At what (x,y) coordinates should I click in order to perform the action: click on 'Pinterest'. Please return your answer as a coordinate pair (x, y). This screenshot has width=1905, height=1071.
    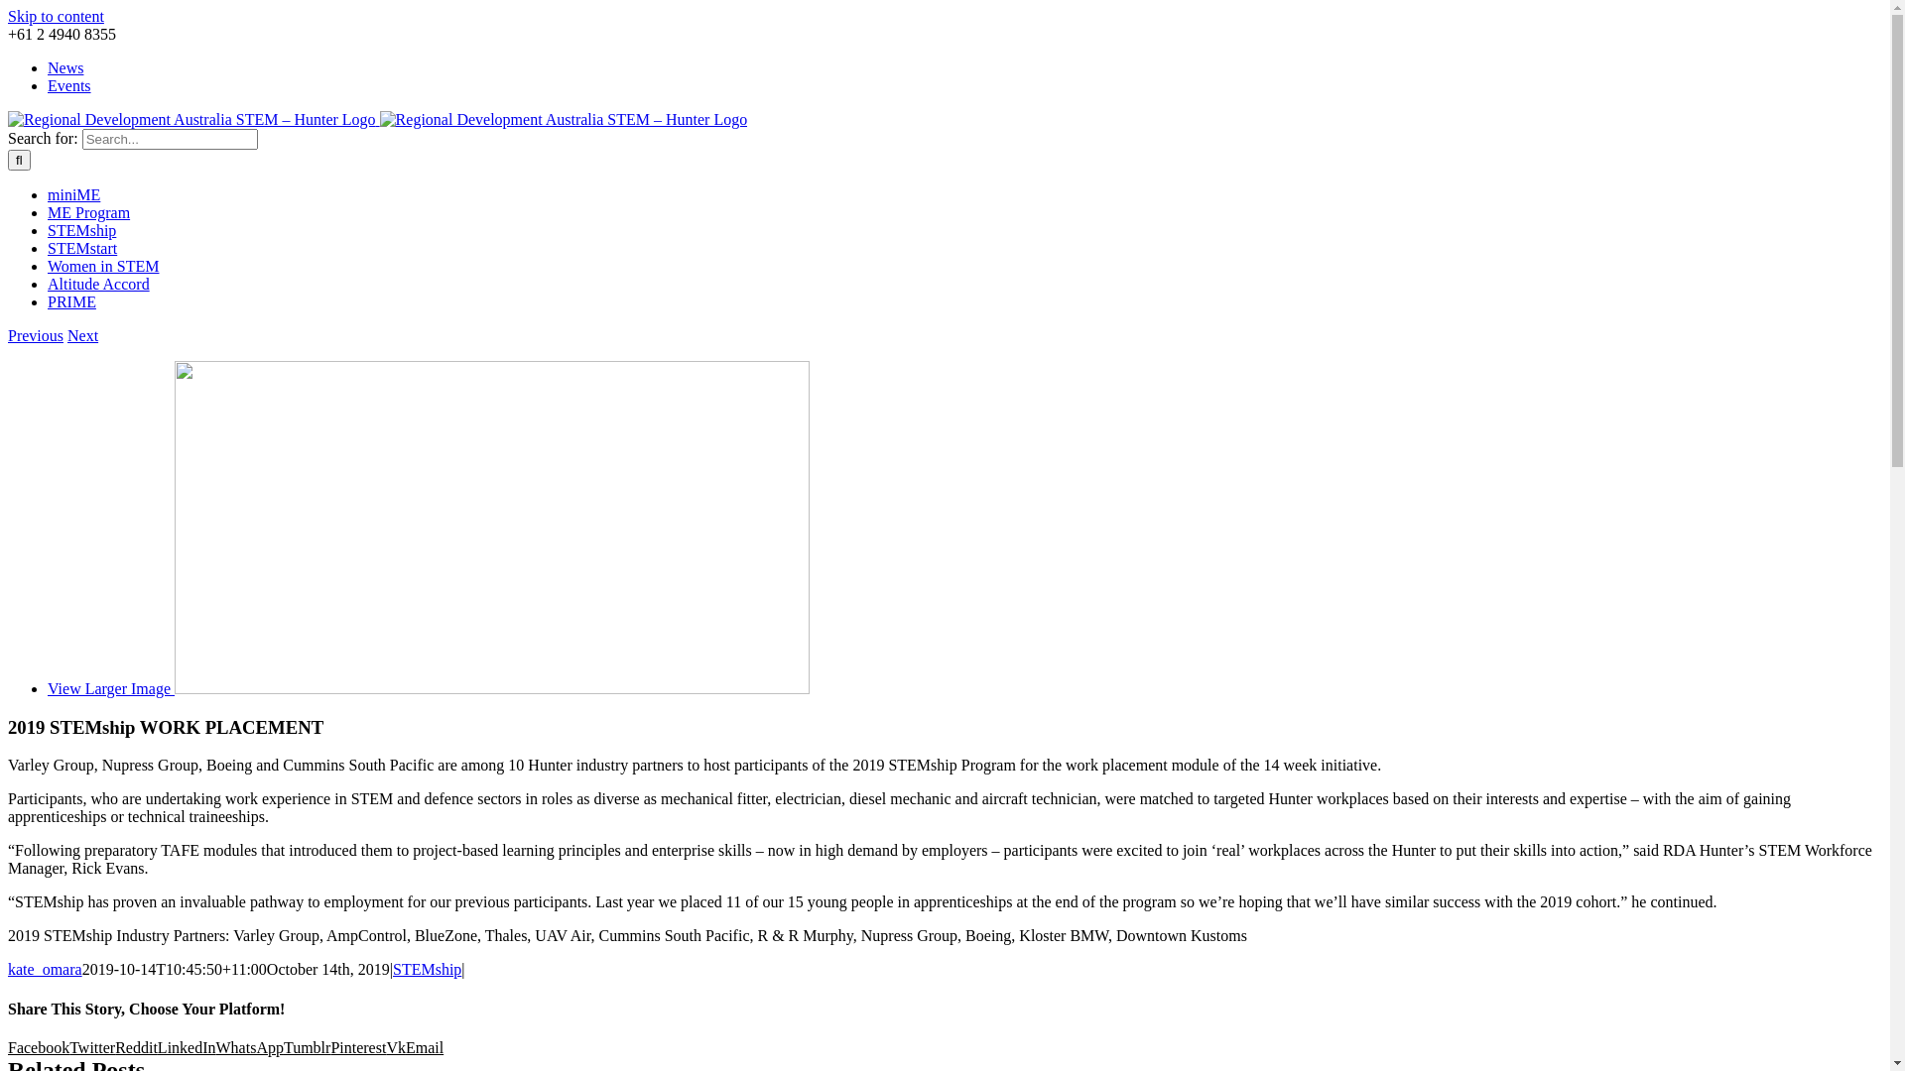
    Looking at the image, I should click on (329, 1046).